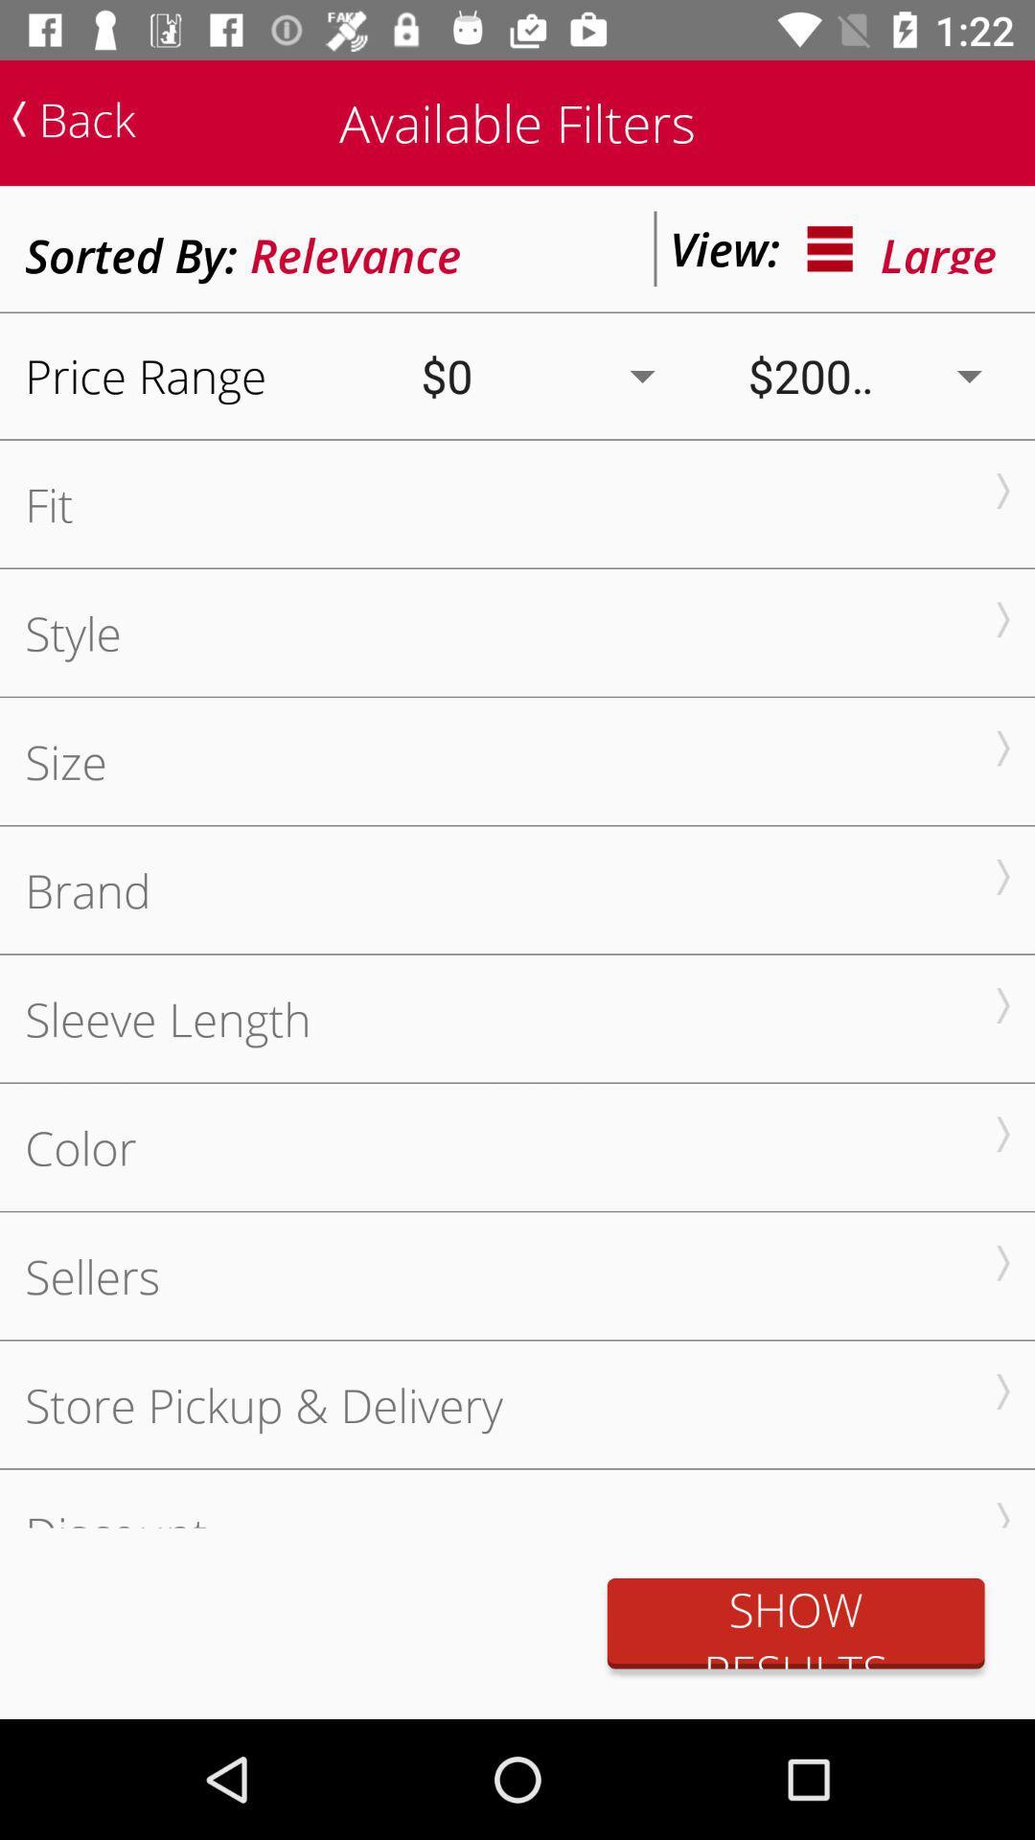 The width and height of the screenshot is (1035, 1840). What do you see at coordinates (73, 118) in the screenshot?
I see `back item` at bounding box center [73, 118].